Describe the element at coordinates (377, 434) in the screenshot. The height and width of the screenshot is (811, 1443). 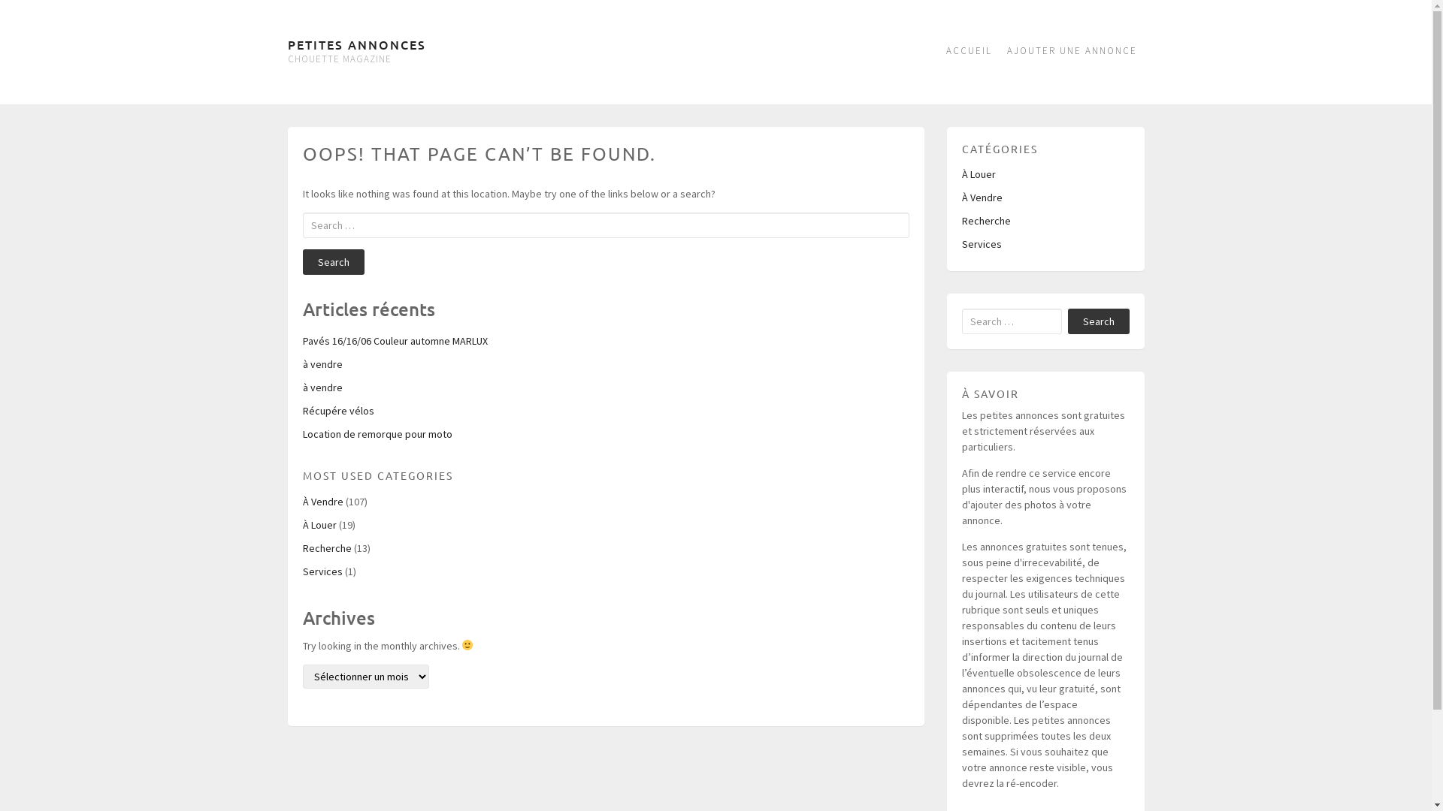
I see `'Location de remorque pour moto'` at that location.